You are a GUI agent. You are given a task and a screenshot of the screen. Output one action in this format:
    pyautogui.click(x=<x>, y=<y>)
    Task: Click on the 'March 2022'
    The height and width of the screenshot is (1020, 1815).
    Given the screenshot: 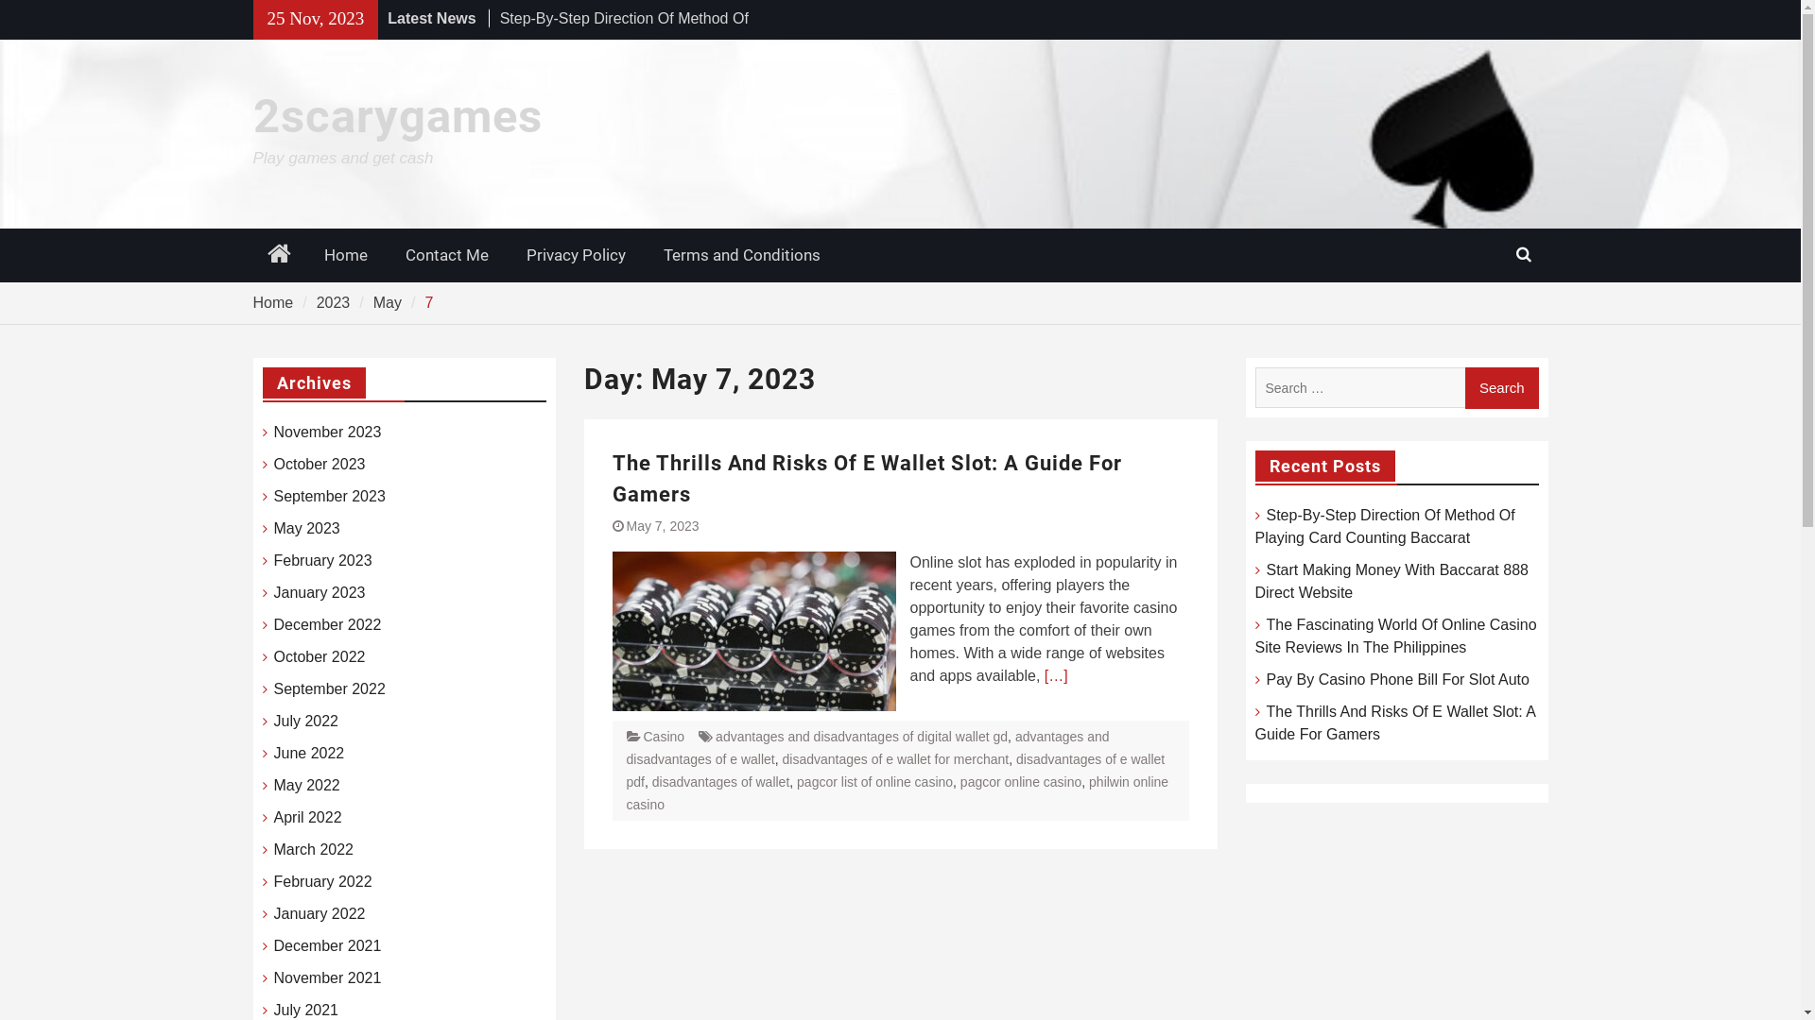 What is the action you would take?
    pyautogui.click(x=314, y=848)
    